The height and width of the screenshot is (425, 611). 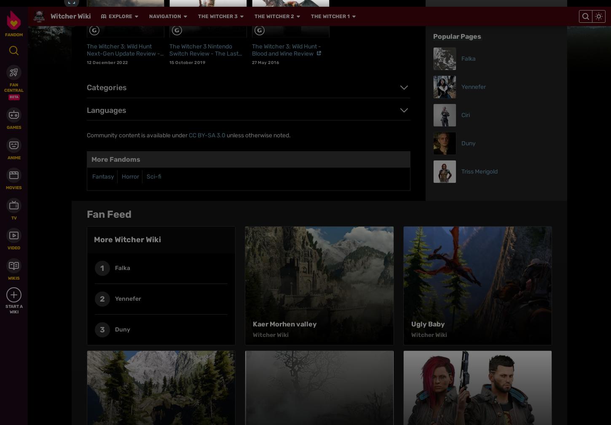 I want to click on 'Va Fail, Elaine', so click(x=253, y=140).